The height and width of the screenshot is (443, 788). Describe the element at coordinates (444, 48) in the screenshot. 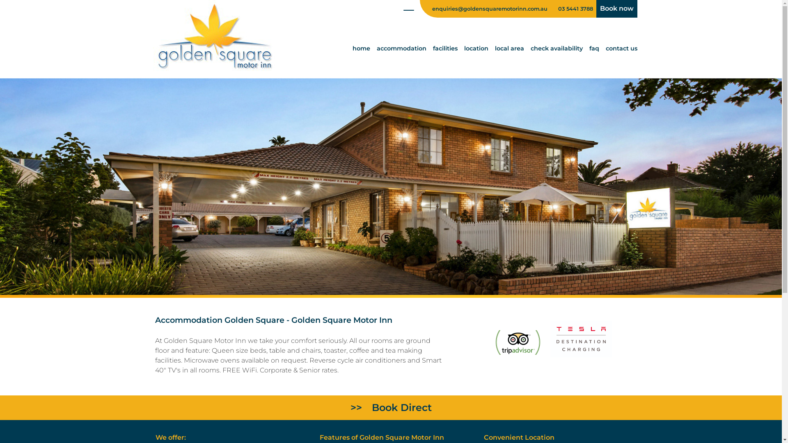

I see `'facilities'` at that location.